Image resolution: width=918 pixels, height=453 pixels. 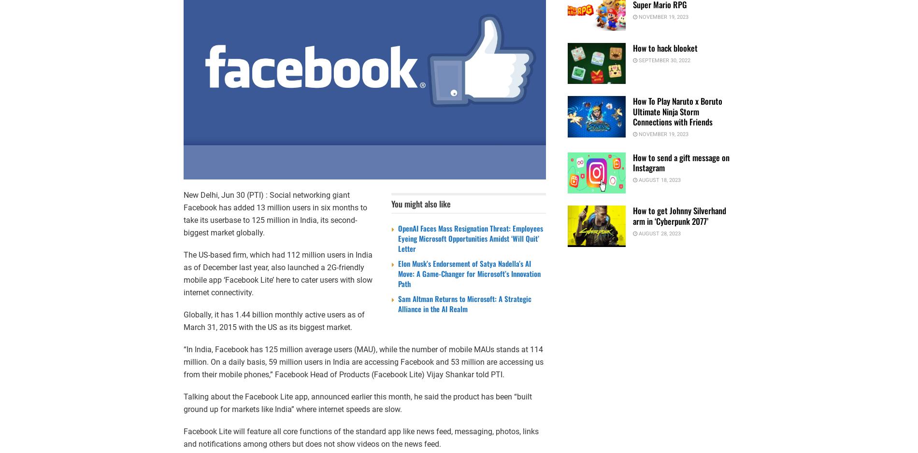 I want to click on 'How to get Johnny Silverhand arm in ‘Cyberpunk 2077’', so click(x=679, y=215).